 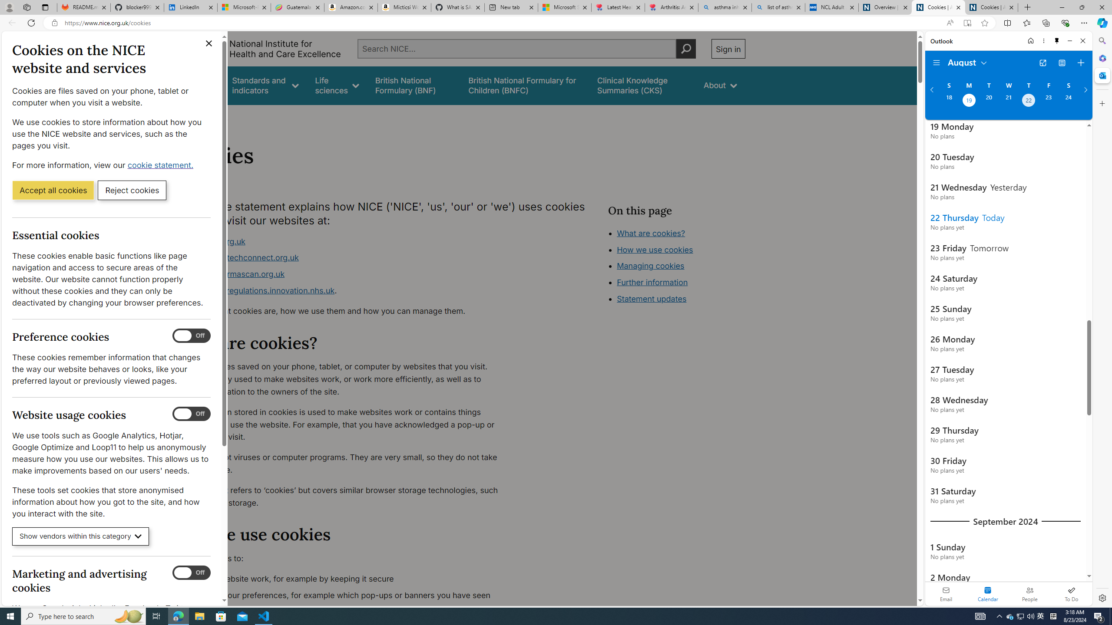 What do you see at coordinates (988, 101) in the screenshot?
I see `'Tuesday, August 20, 2024. '` at bounding box center [988, 101].